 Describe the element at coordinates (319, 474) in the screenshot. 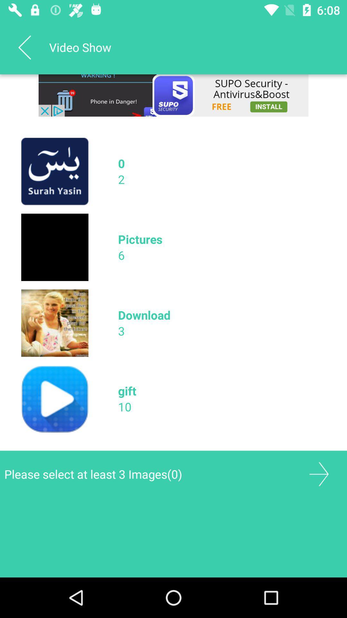

I see `the arrow_forward icon` at that location.